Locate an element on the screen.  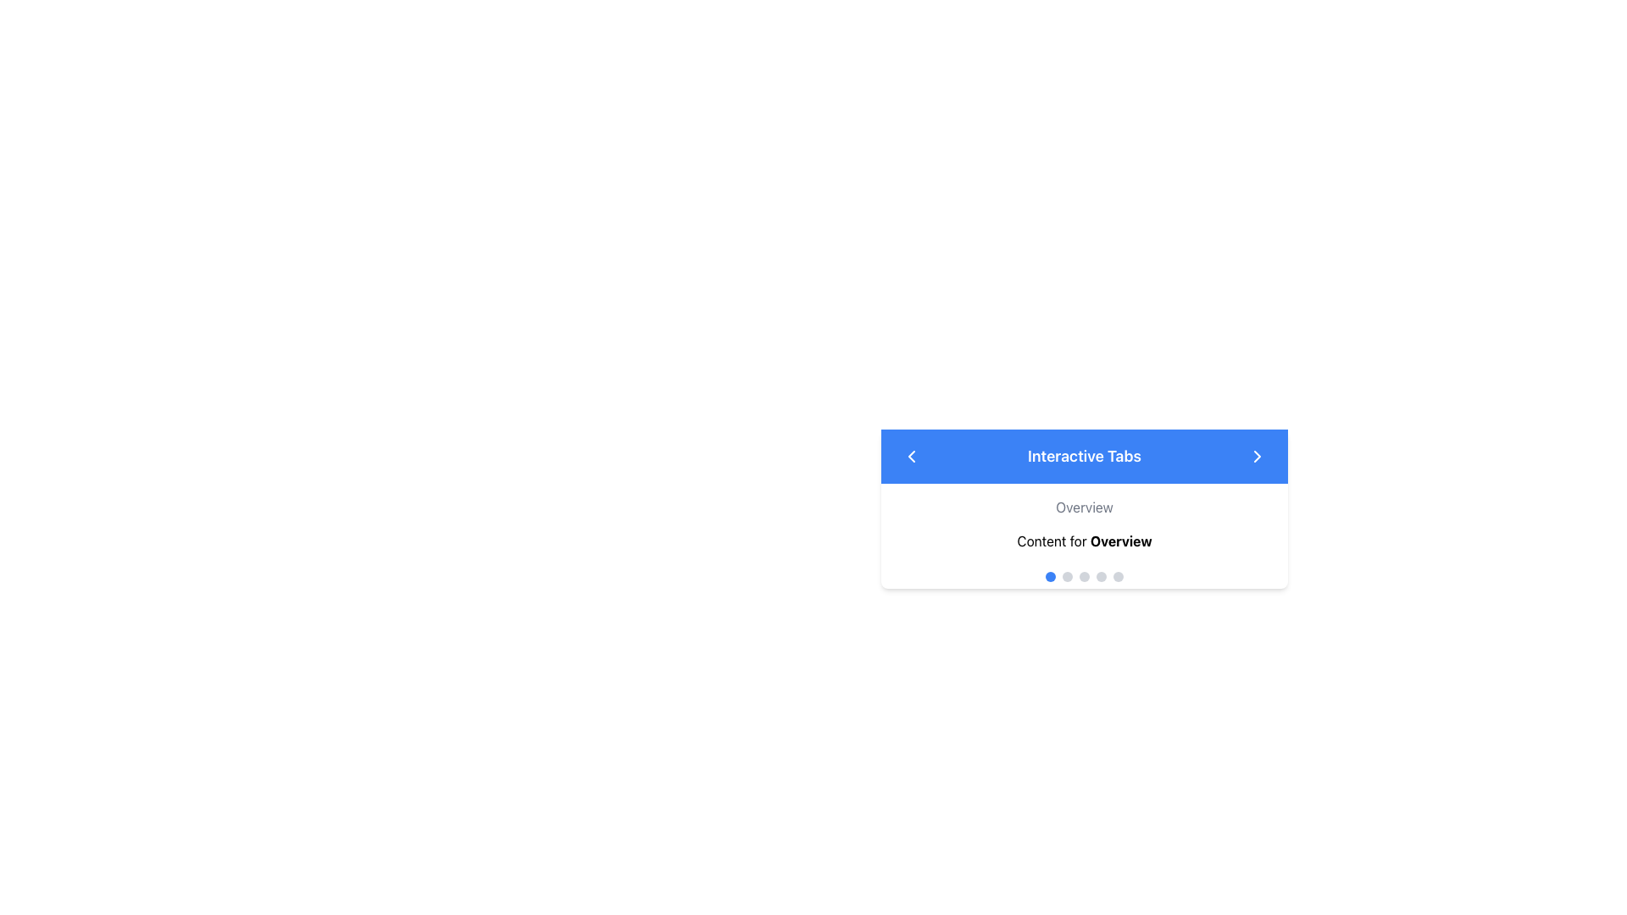
the small, left-pointing chevron icon button with a blue background is located at coordinates (910, 456).